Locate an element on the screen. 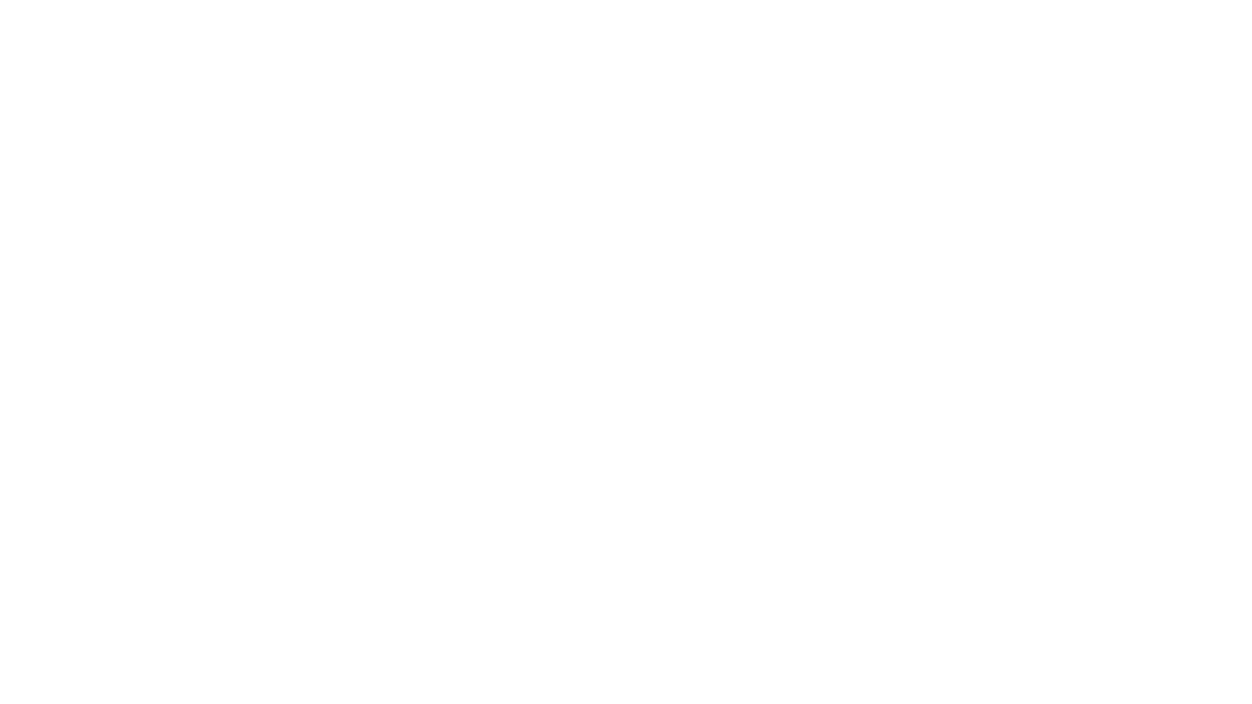 Image resolution: width=1252 pixels, height=704 pixels. Population Biology is located at coordinates (832, 441).